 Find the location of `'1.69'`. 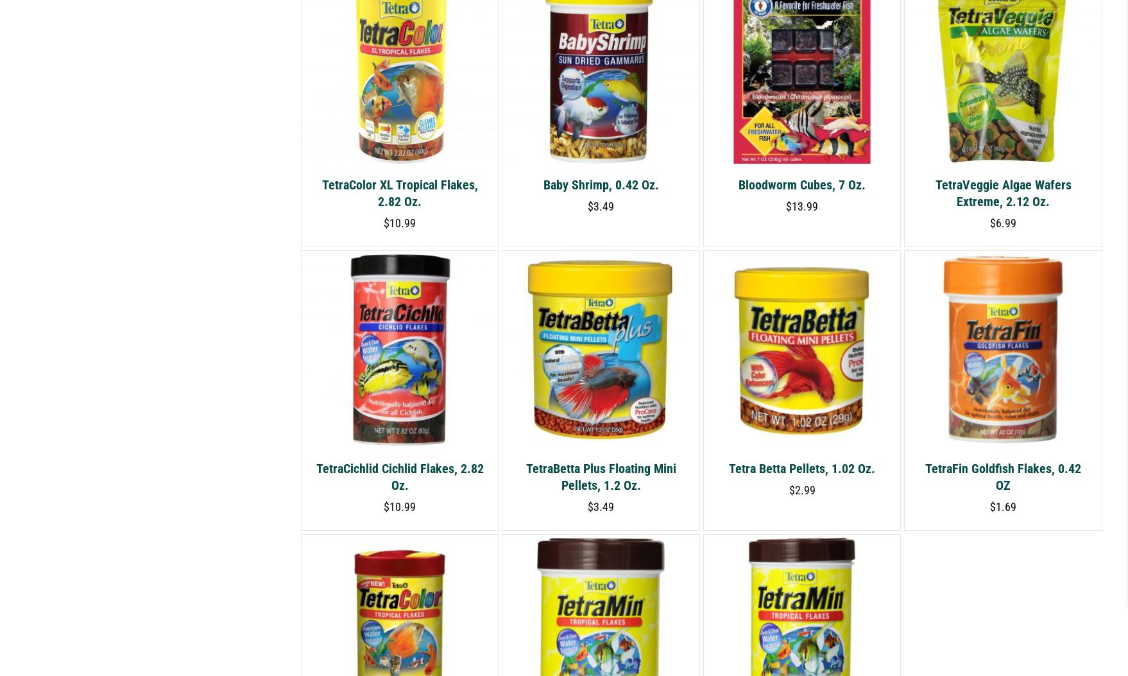

'1.69' is located at coordinates (995, 507).